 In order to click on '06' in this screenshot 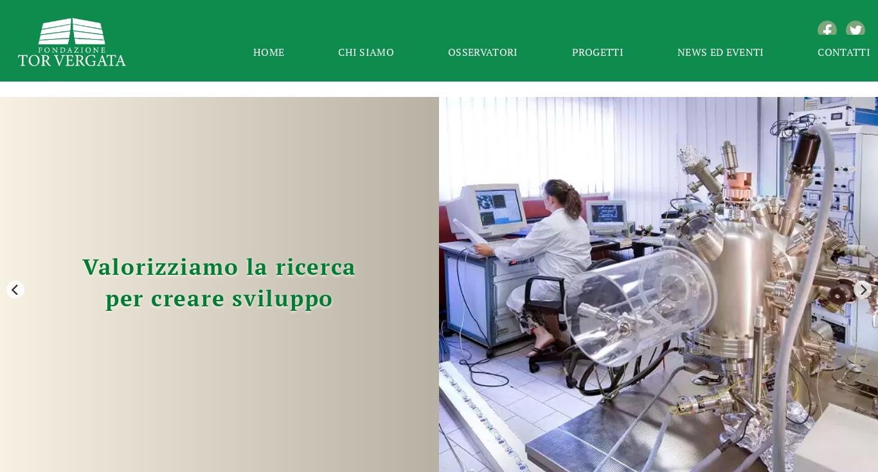, I will do `click(491, 415)`.